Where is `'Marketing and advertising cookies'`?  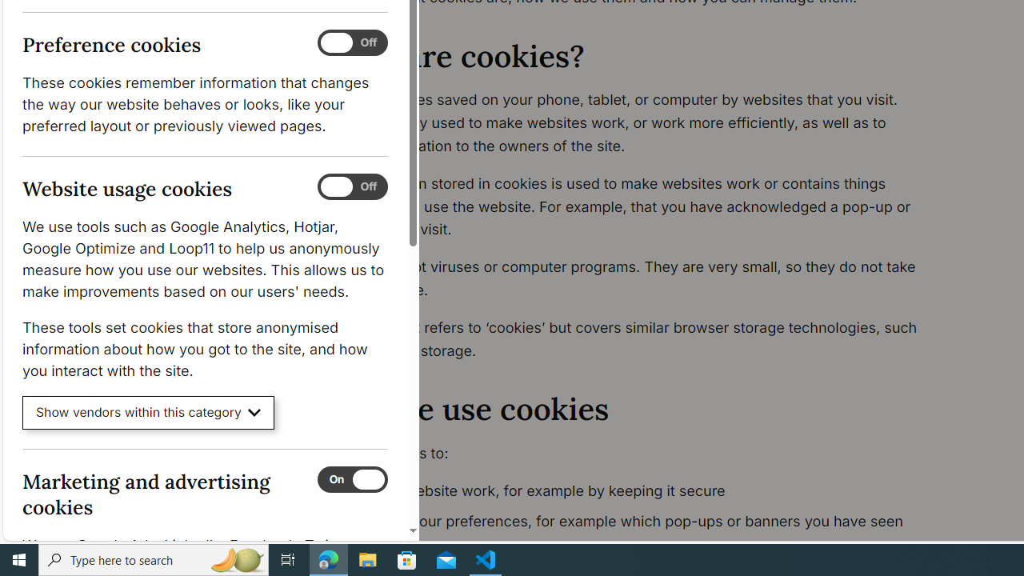 'Marketing and advertising cookies' is located at coordinates (351, 478).